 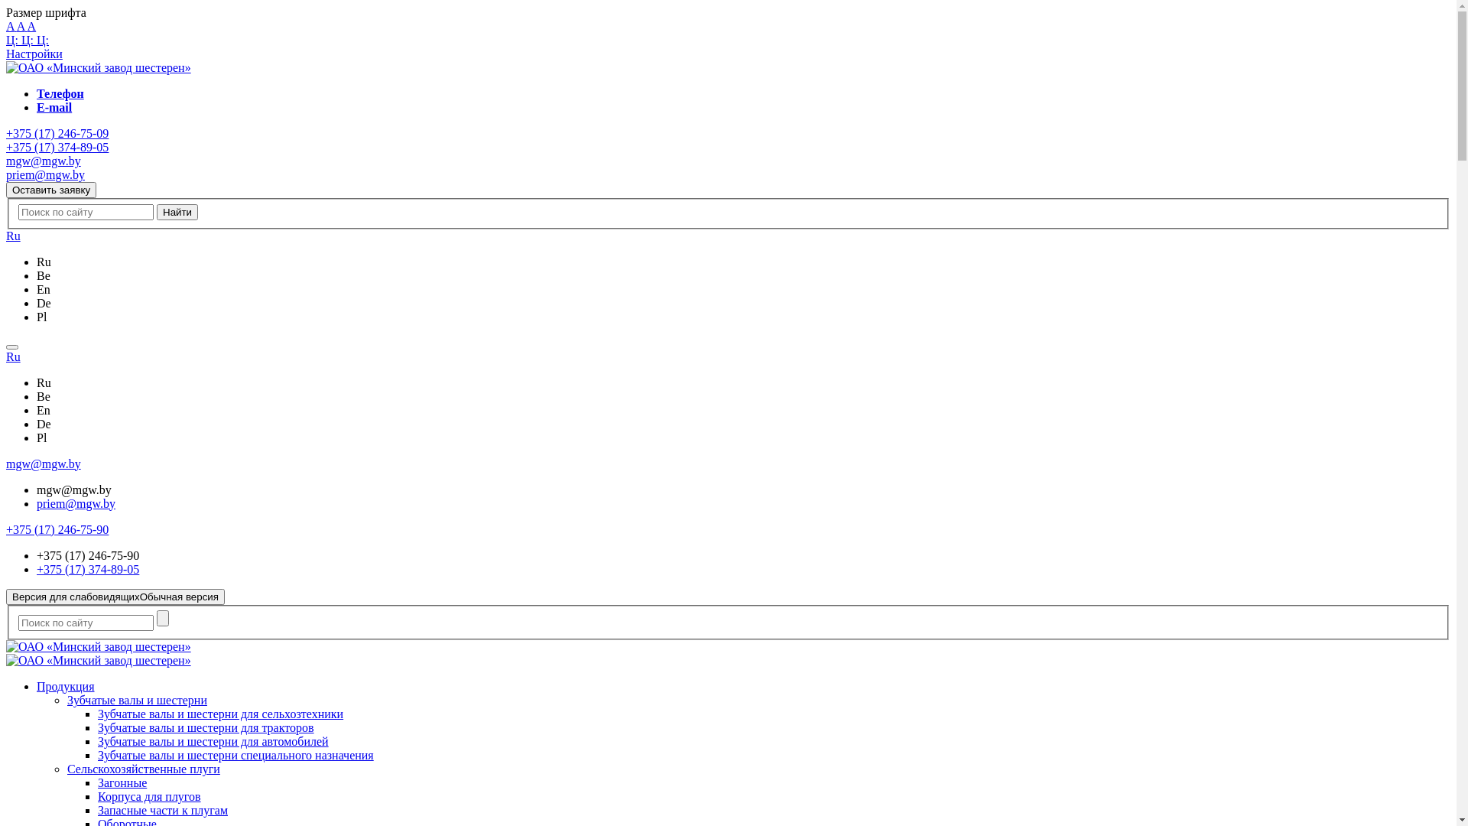 What do you see at coordinates (6, 132) in the screenshot?
I see `'+375 (17) 246-75-09'` at bounding box center [6, 132].